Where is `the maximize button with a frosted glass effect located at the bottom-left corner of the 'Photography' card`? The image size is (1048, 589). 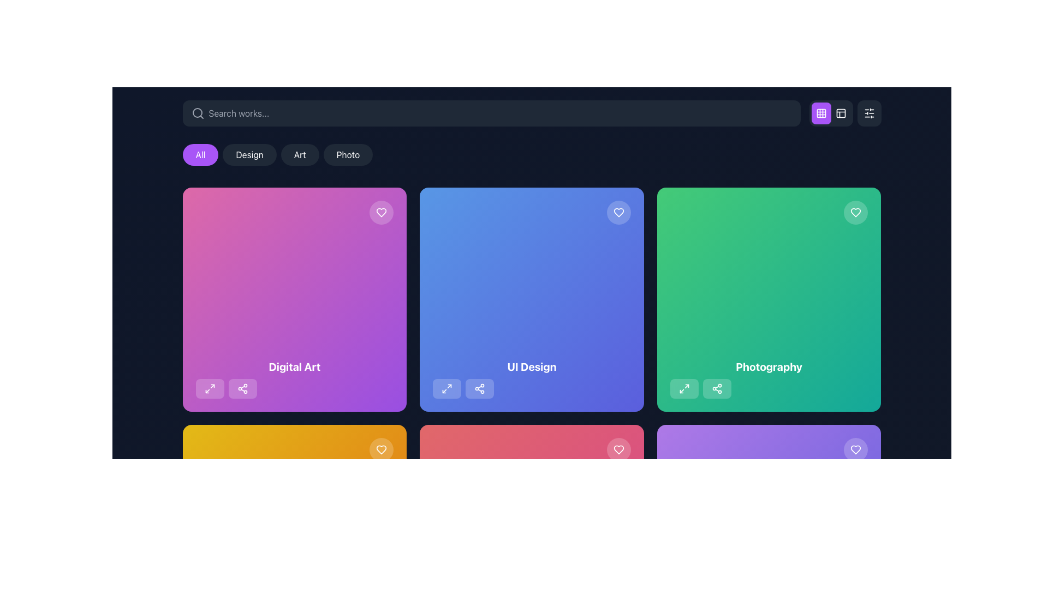 the maximize button with a frosted glass effect located at the bottom-left corner of the 'Photography' card is located at coordinates (683, 388).